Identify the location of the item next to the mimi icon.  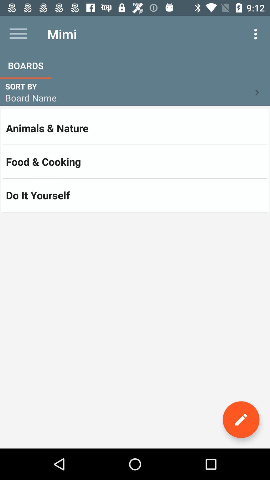
(257, 34).